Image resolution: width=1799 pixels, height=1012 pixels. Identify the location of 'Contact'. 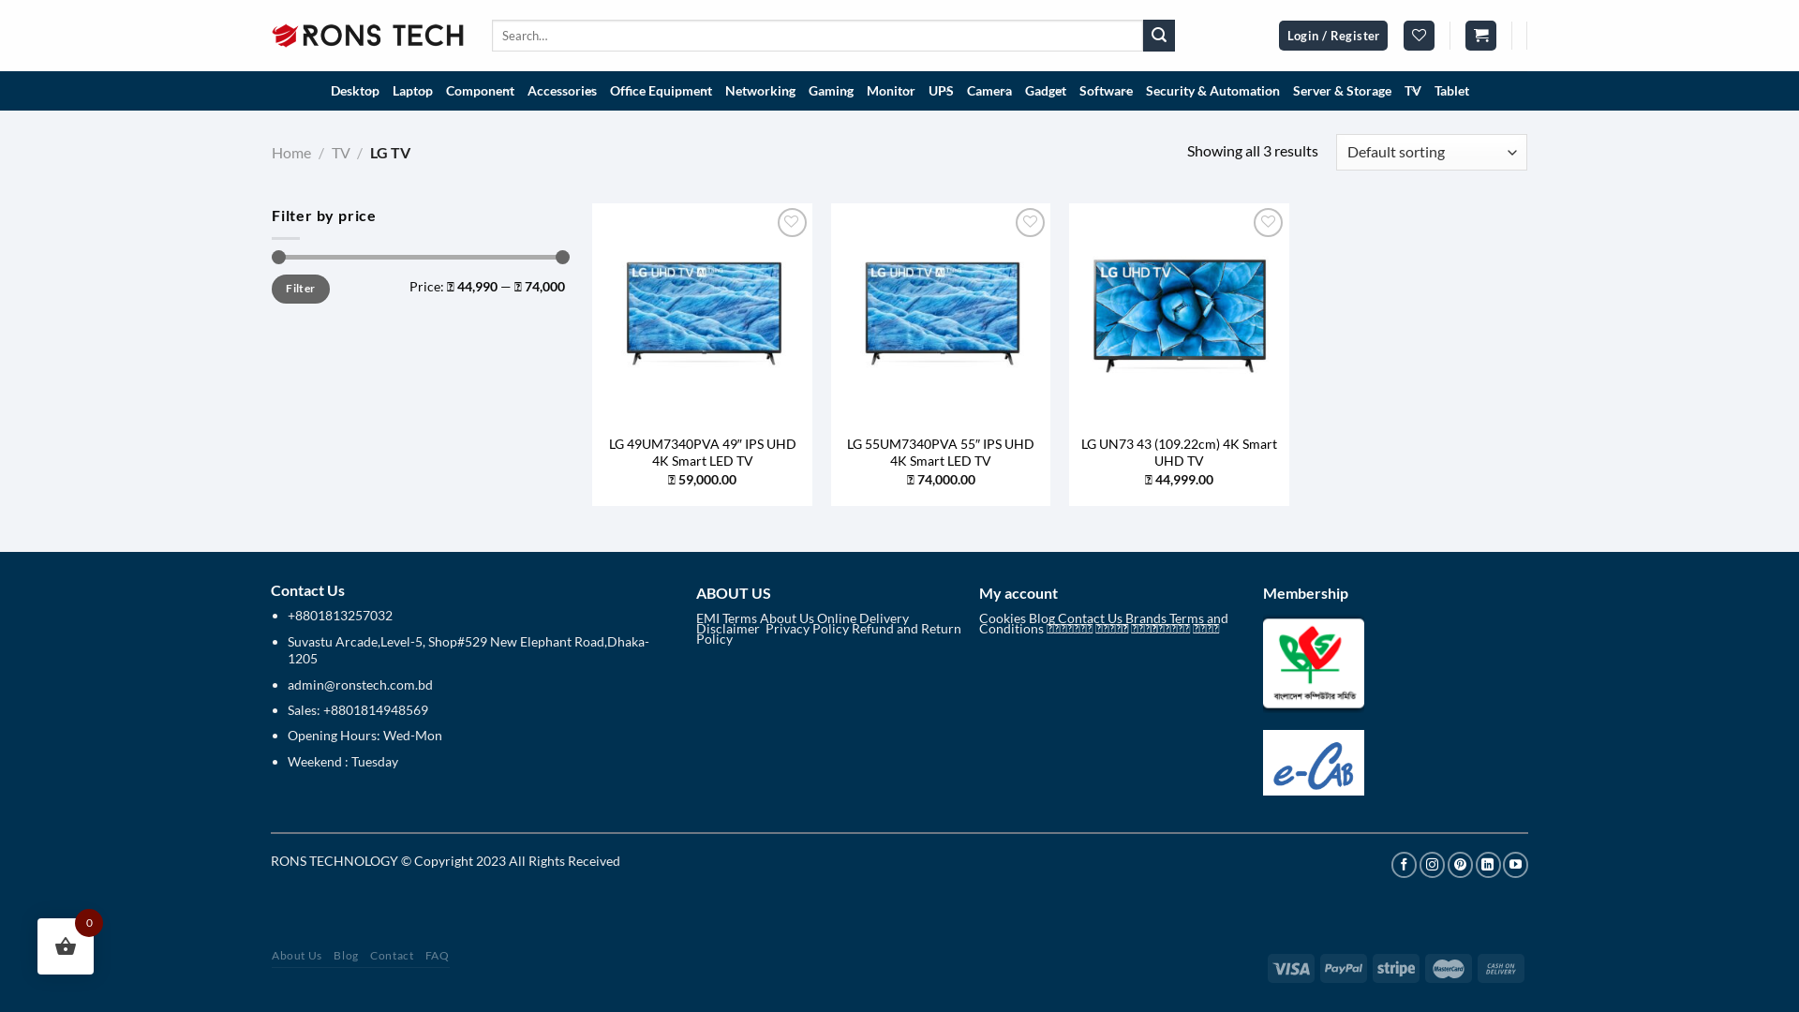
(390, 955).